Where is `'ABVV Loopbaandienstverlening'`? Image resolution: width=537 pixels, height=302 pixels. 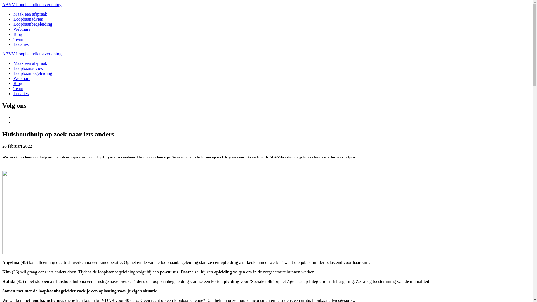 'ABVV Loopbaandienstverlening' is located at coordinates (32, 4).